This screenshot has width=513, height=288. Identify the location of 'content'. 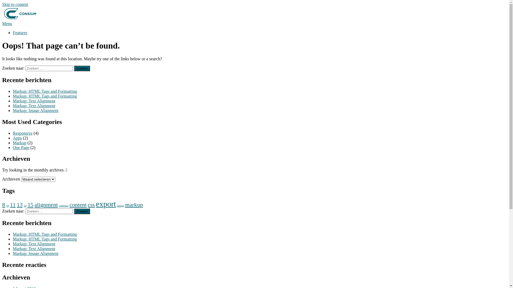
(78, 204).